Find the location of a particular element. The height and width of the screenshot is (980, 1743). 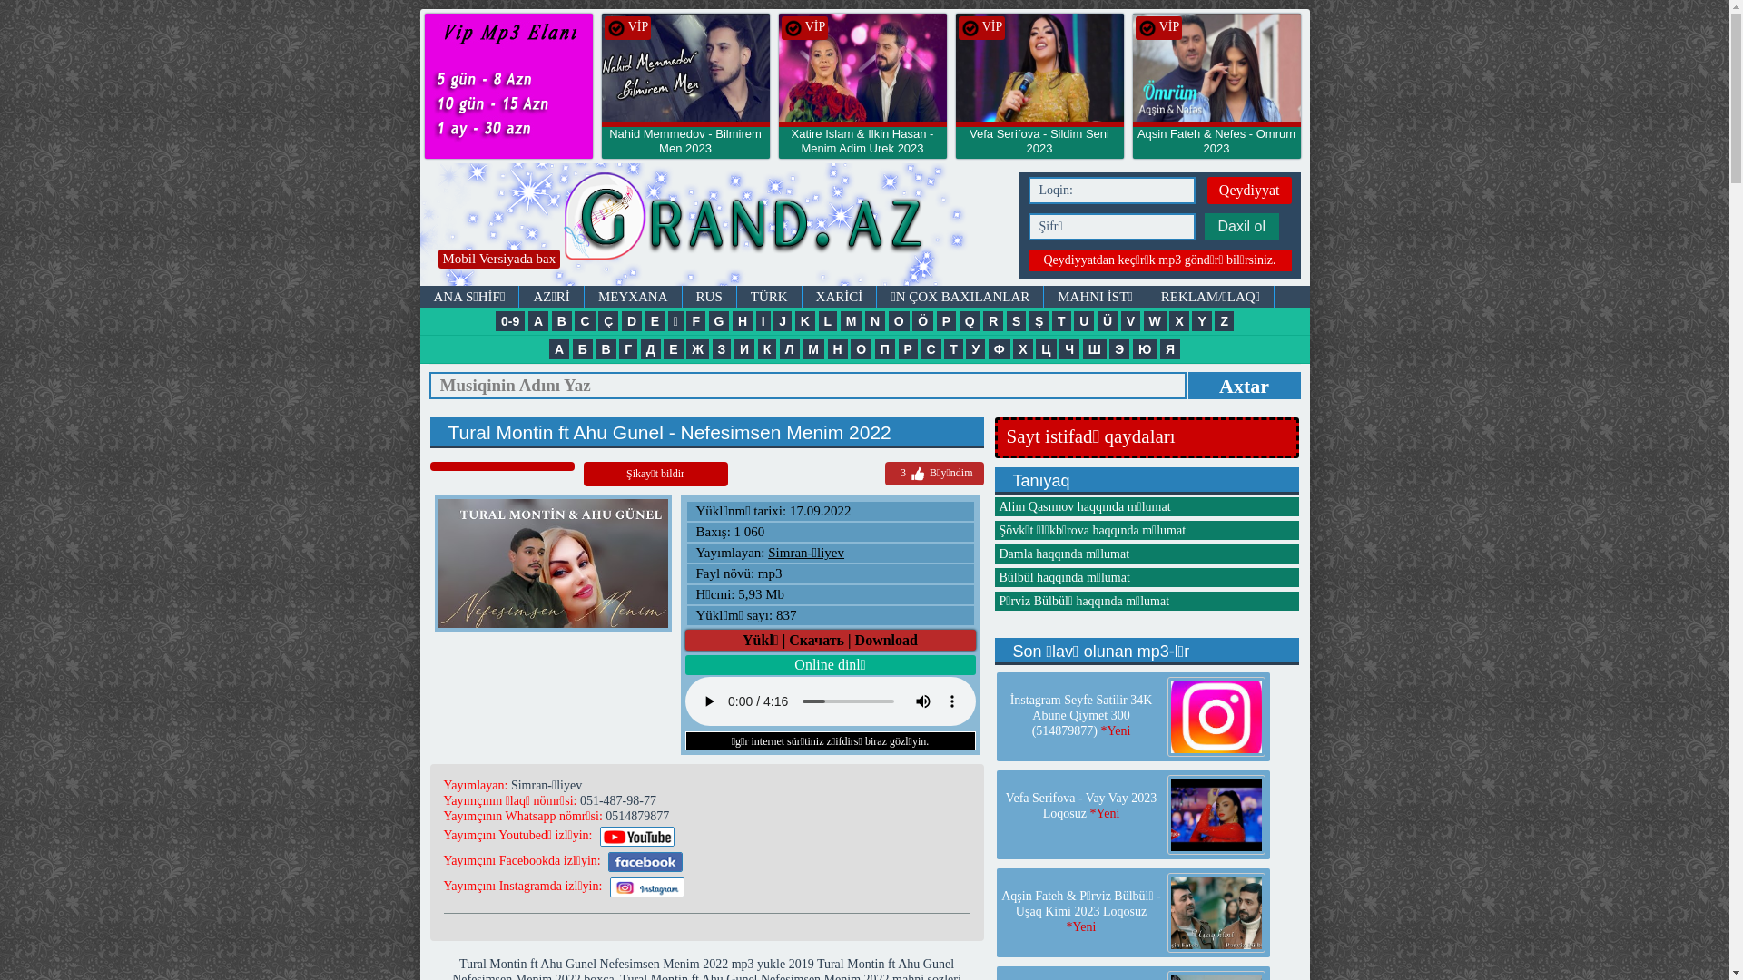

'K' is located at coordinates (804, 320).